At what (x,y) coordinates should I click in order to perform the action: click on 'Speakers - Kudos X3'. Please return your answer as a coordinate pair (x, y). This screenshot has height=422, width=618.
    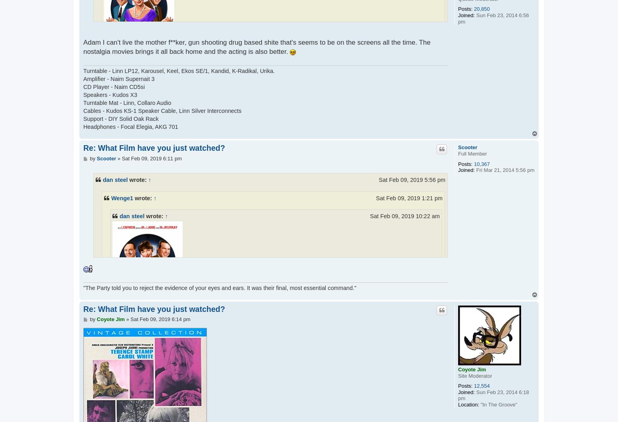
    Looking at the image, I should click on (110, 95).